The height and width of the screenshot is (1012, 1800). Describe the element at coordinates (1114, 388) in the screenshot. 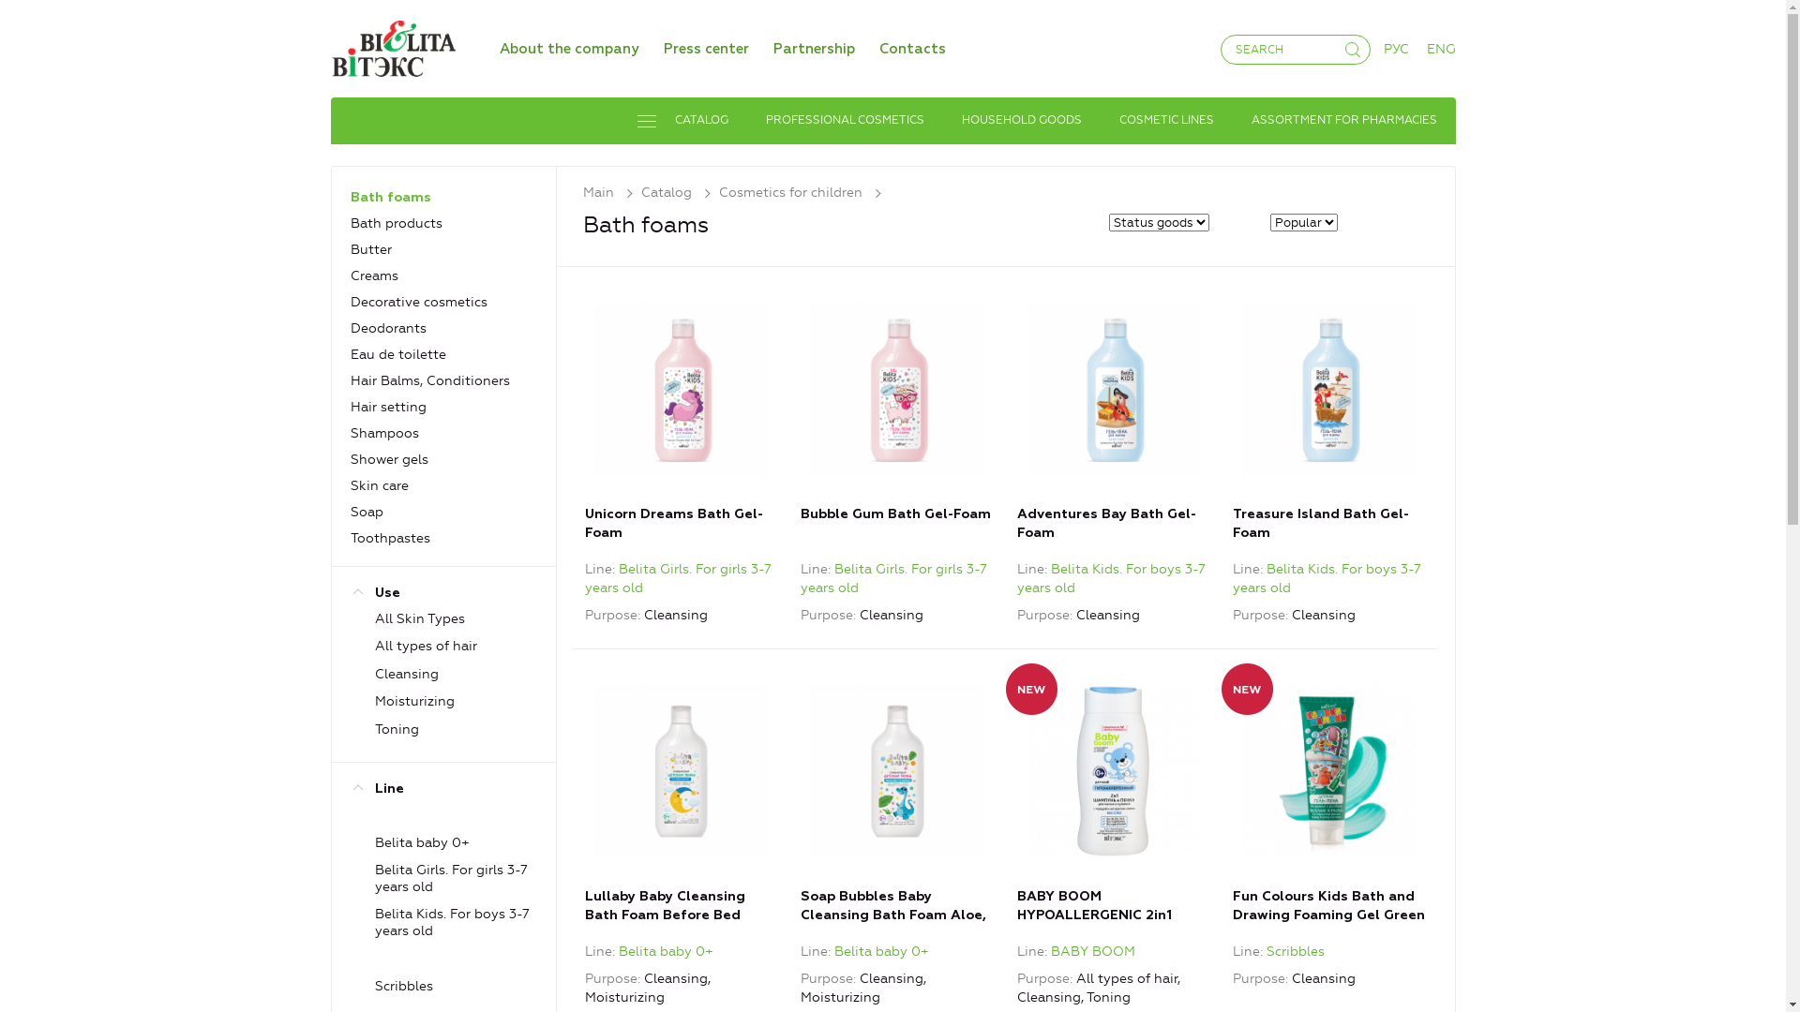

I see `'Adventures Bay Bath Gel-Foam'` at that location.